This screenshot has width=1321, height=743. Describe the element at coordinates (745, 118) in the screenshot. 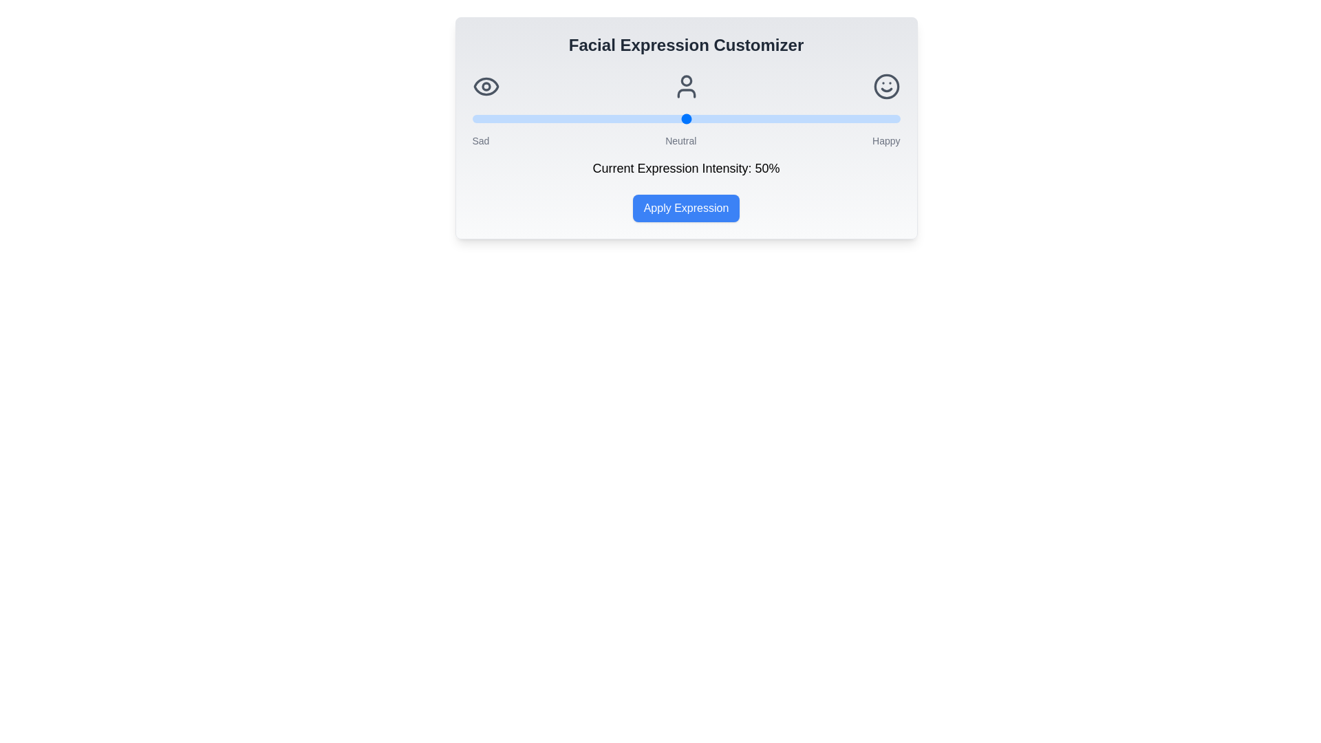

I see `the intensity slider to set the facial expression intensity to 64%` at that location.